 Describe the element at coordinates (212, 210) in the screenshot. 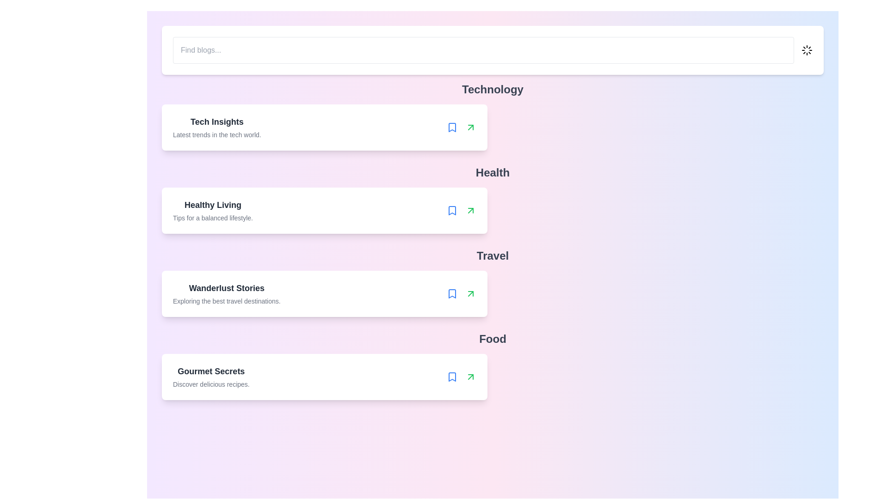

I see `the 'Healthy Living' Text block, which serves as a header and brief description for a content section, located as the second card in the vertical arrangement under 'Tech Insights' and above 'Wanderlust Stories'` at that location.